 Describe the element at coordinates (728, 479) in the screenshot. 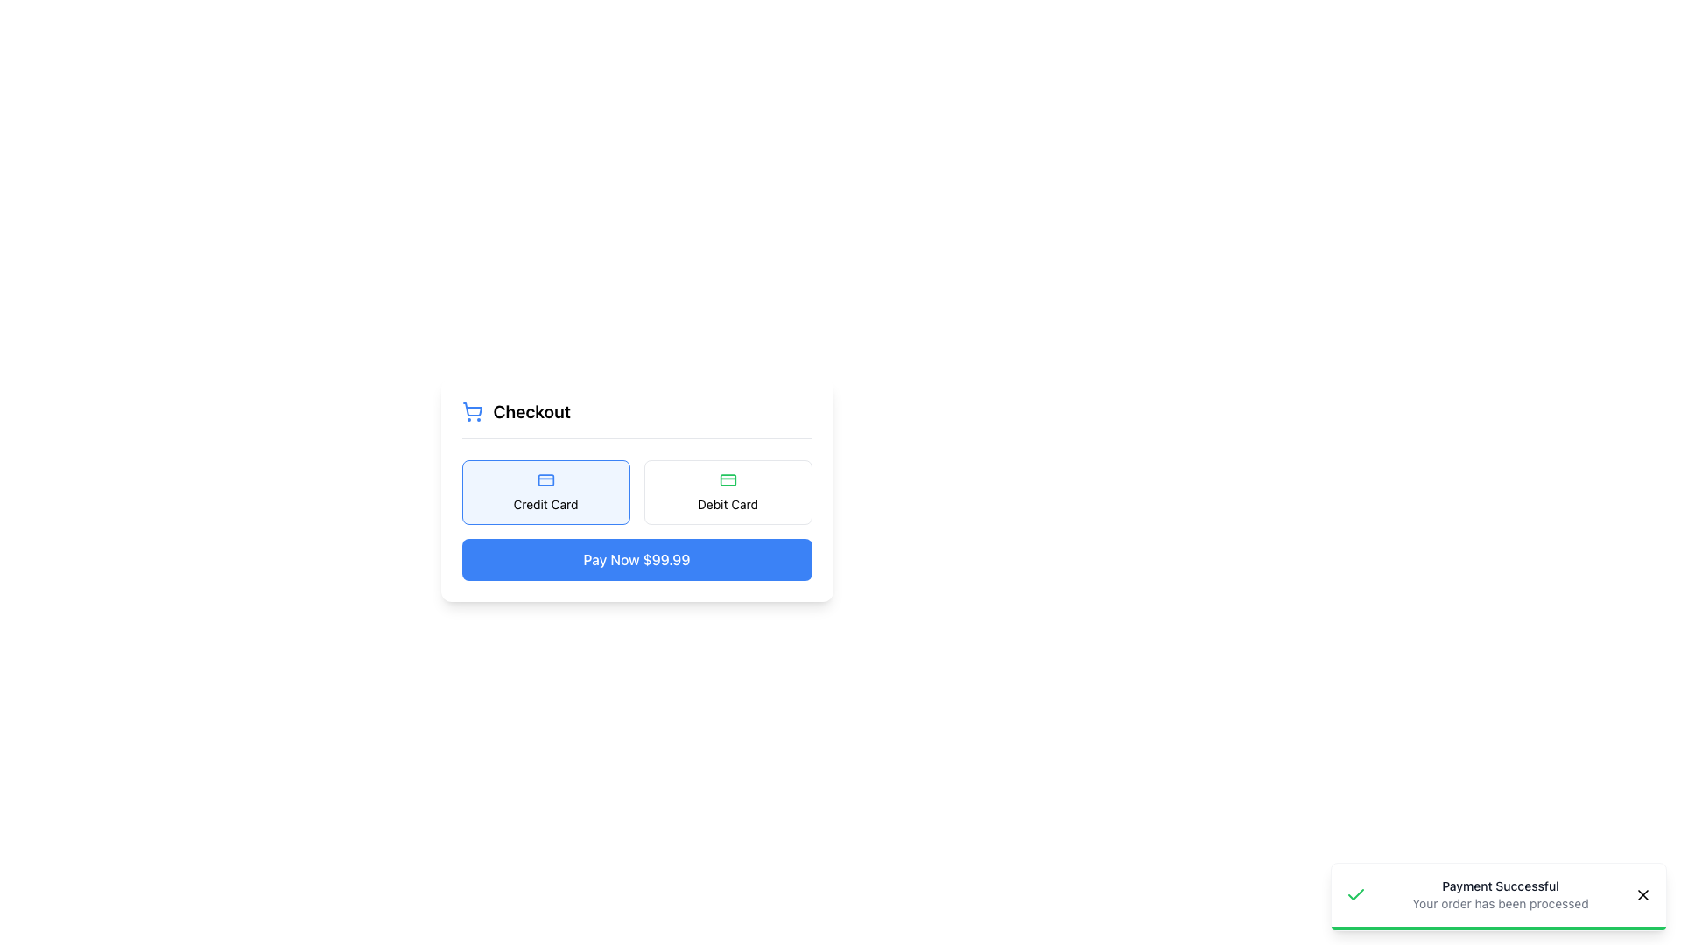

I see `rectangular SVG graphic element with rounded corners located in the center-left of the interactive card component` at that location.